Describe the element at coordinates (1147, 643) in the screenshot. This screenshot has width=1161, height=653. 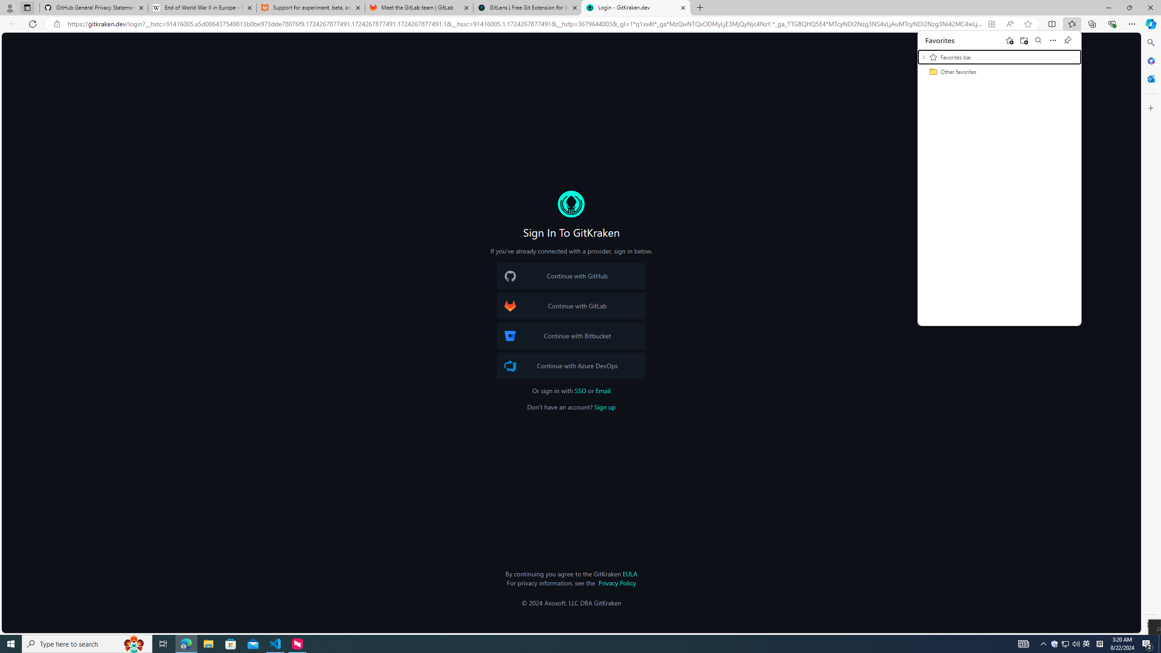
I see `'Action Center, 2 new notifications'` at that location.